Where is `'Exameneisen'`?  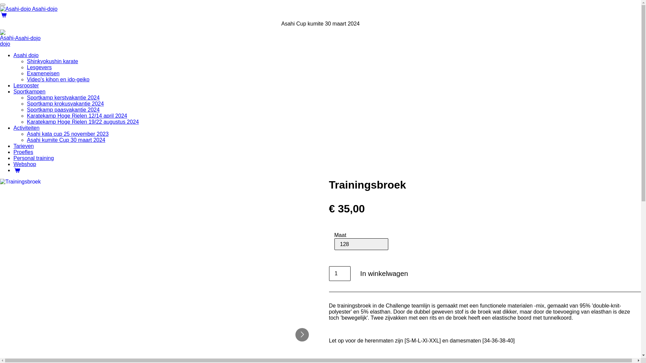 'Exameneisen' is located at coordinates (43, 73).